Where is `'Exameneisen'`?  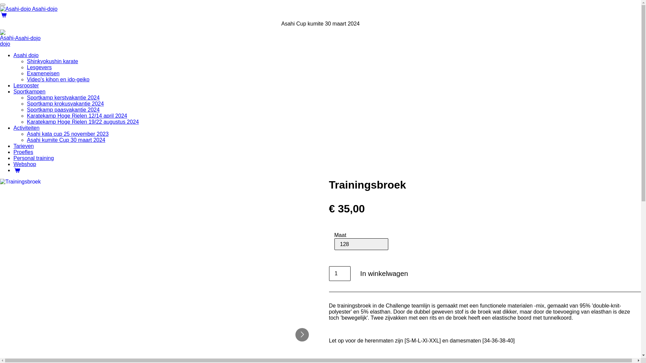 'Exameneisen' is located at coordinates (43, 73).